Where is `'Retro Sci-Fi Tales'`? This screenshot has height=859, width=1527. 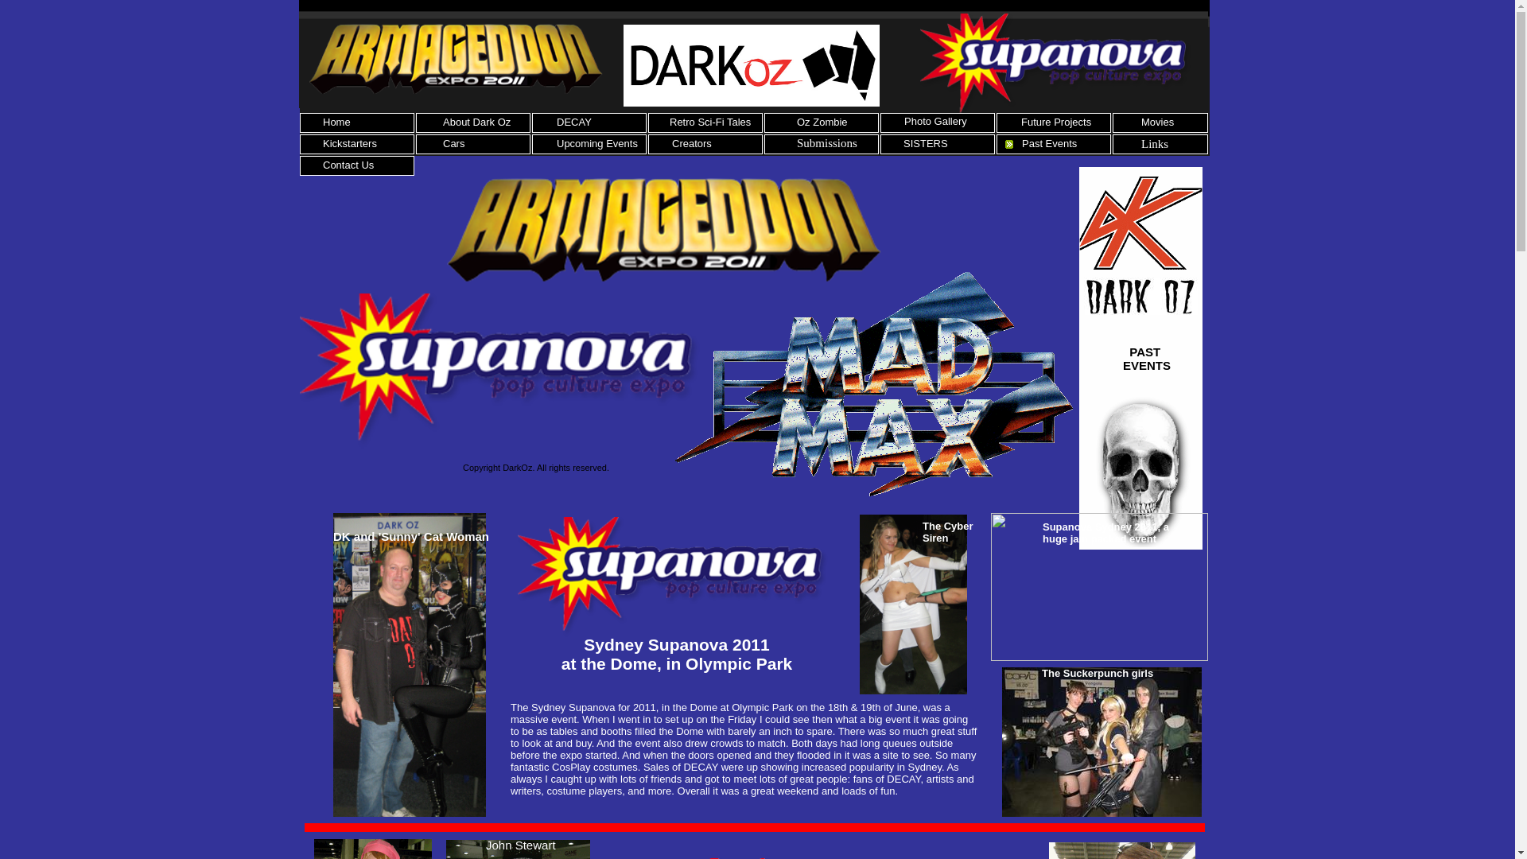
'Retro Sci-Fi Tales' is located at coordinates (709, 121).